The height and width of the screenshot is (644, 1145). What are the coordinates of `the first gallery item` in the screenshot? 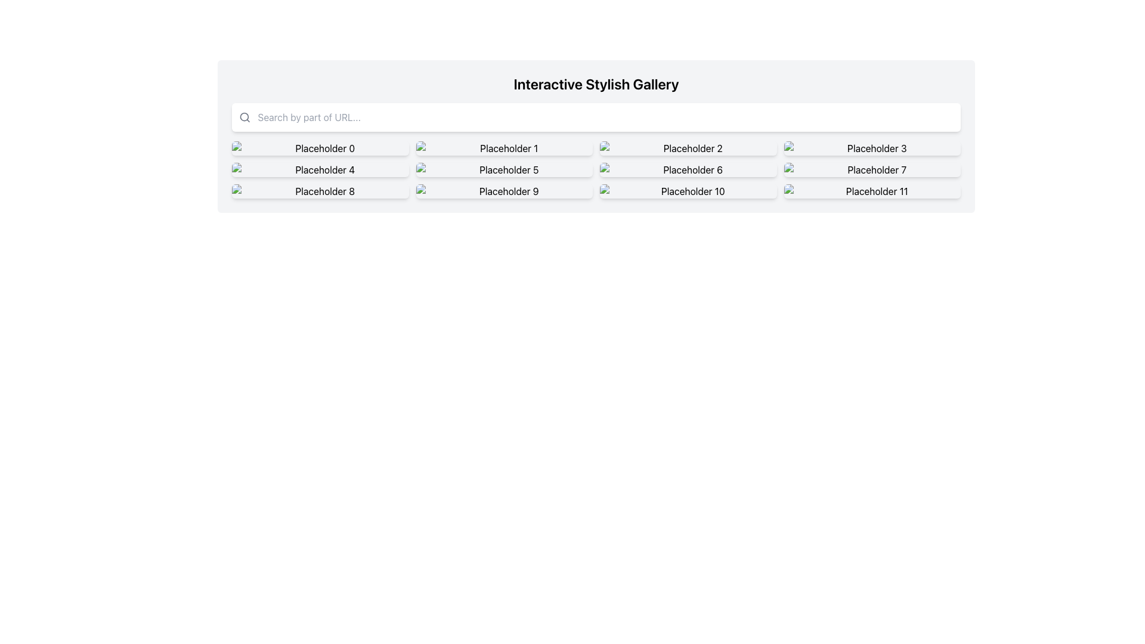 It's located at (320, 148).